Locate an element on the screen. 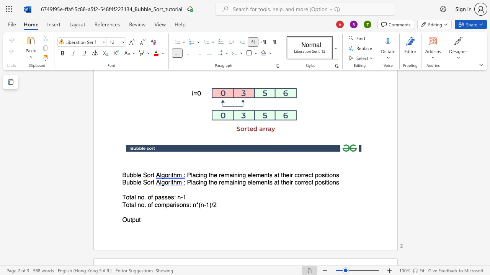 This screenshot has width=490, height=275. the 2th character "a" in the text is located at coordinates (159, 197).